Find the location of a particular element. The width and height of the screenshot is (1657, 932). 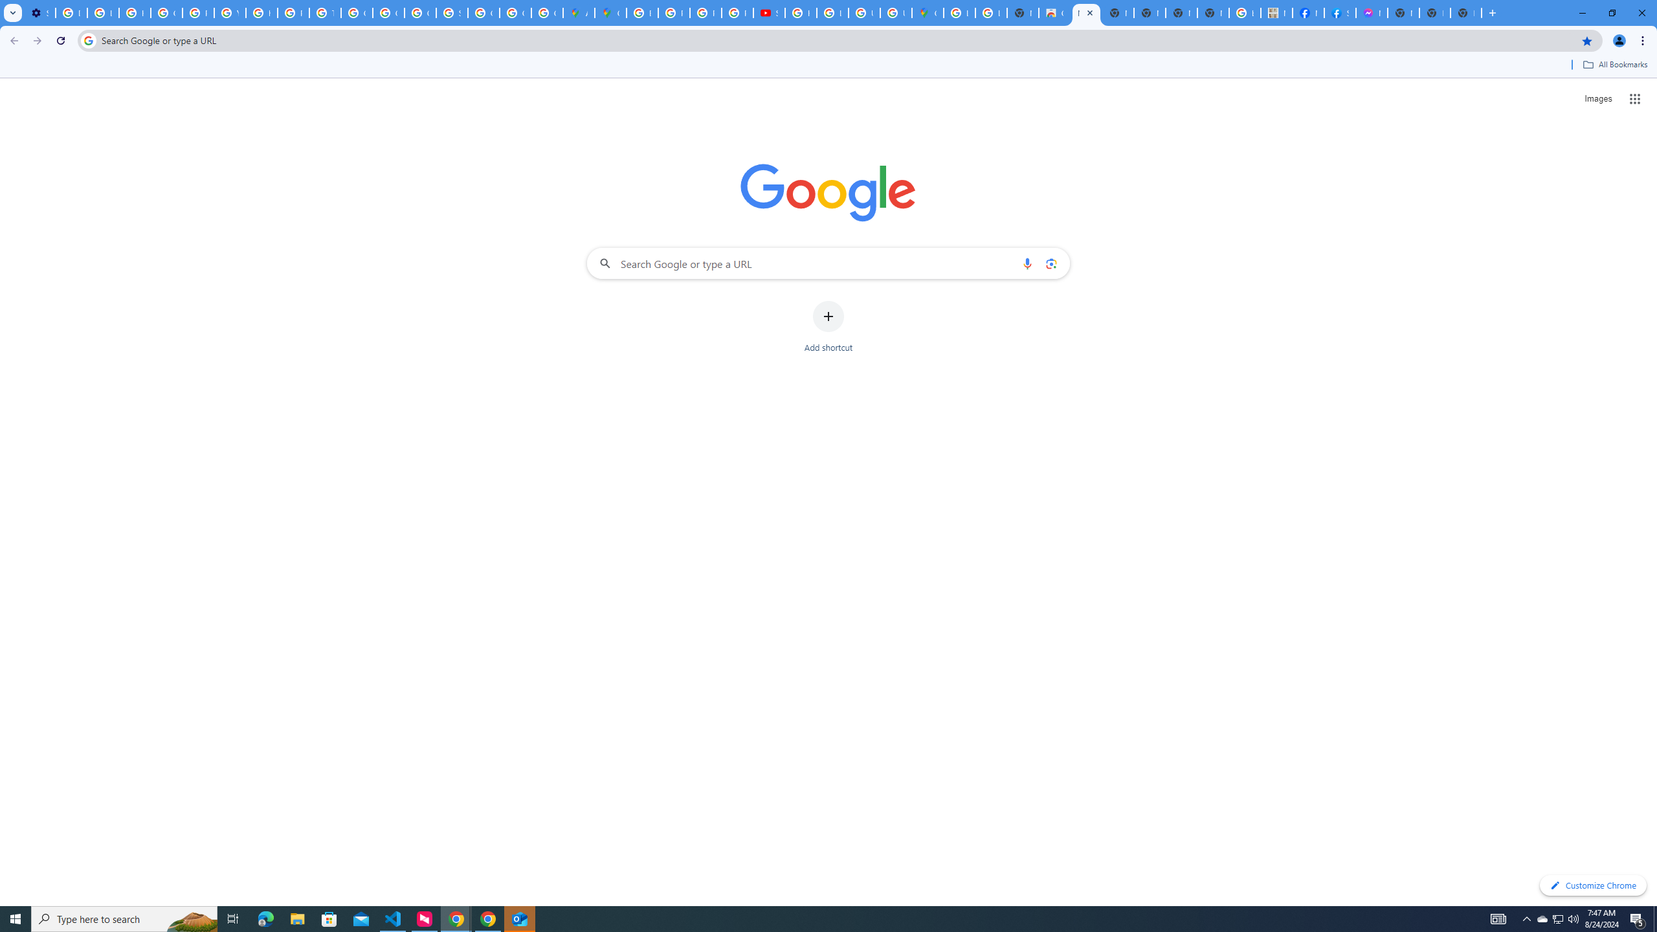

'Sign Up for Facebook' is located at coordinates (1340, 12).